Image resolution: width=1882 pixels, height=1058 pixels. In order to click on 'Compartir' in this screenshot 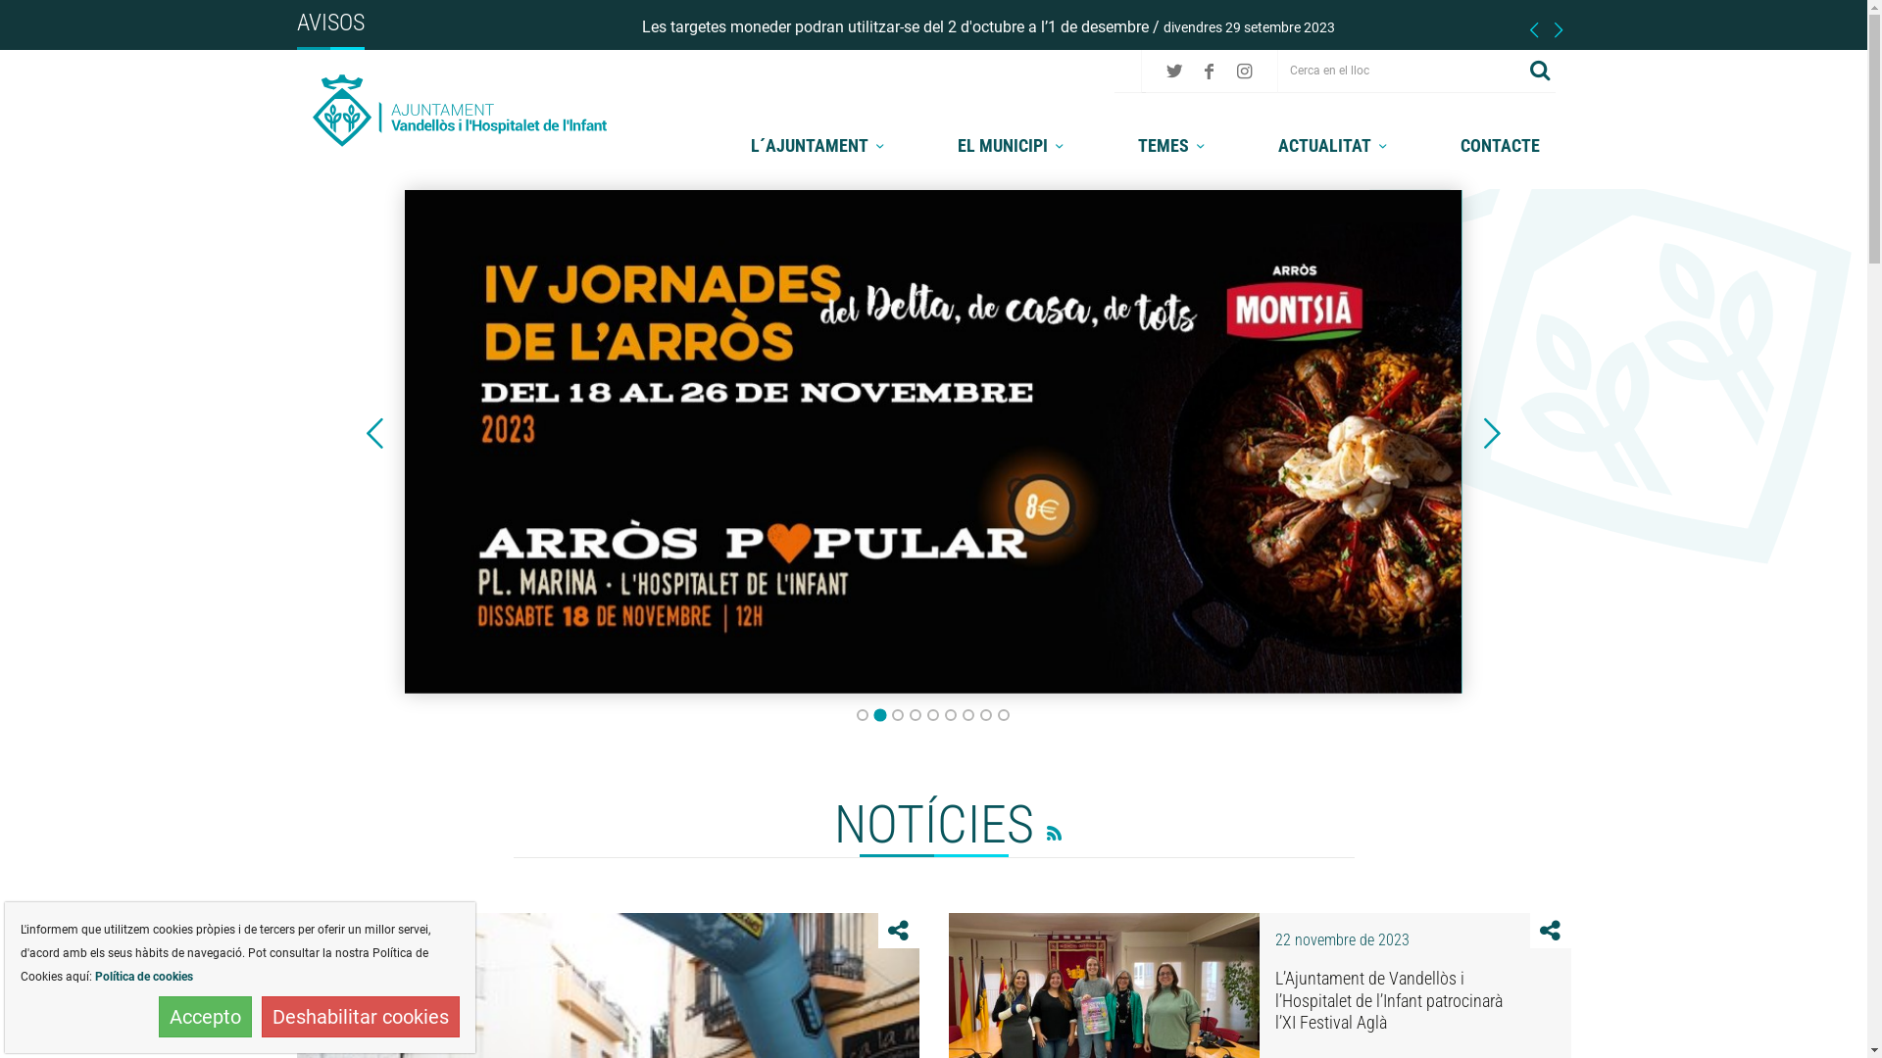, I will do `click(1550, 929)`.